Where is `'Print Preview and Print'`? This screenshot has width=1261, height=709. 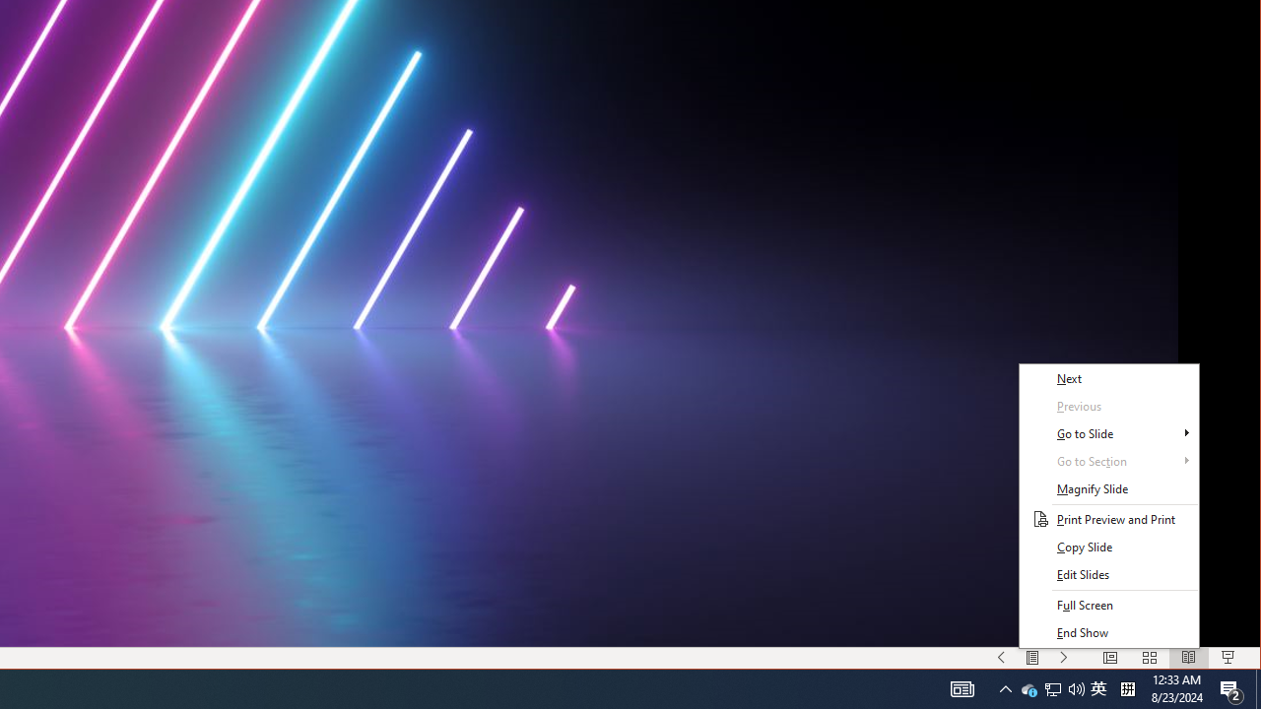 'Print Preview and Print' is located at coordinates (1108, 519).